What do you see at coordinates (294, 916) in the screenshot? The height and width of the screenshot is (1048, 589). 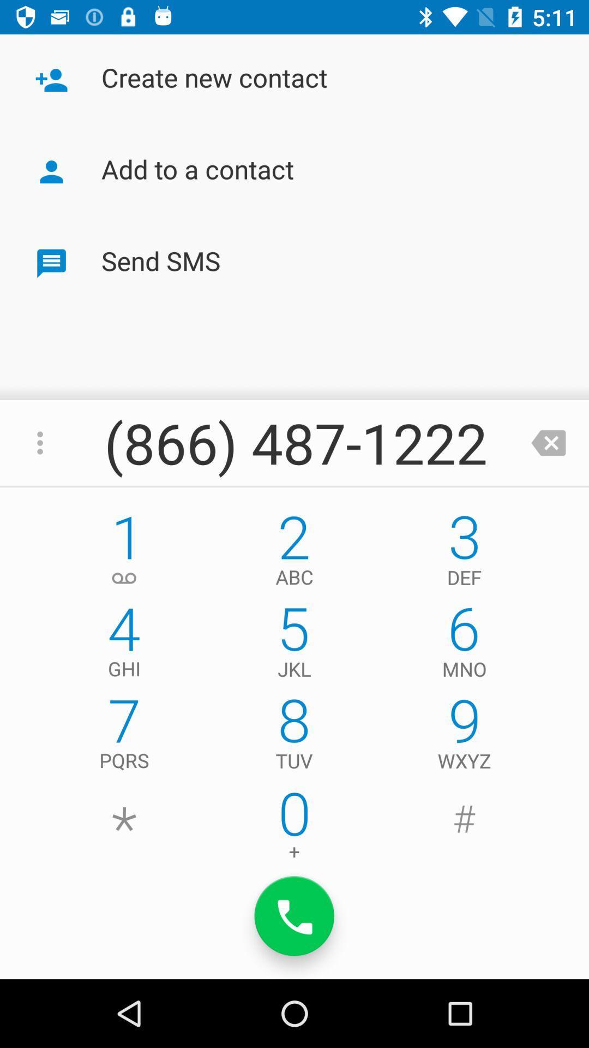 I see `the call icon` at bounding box center [294, 916].